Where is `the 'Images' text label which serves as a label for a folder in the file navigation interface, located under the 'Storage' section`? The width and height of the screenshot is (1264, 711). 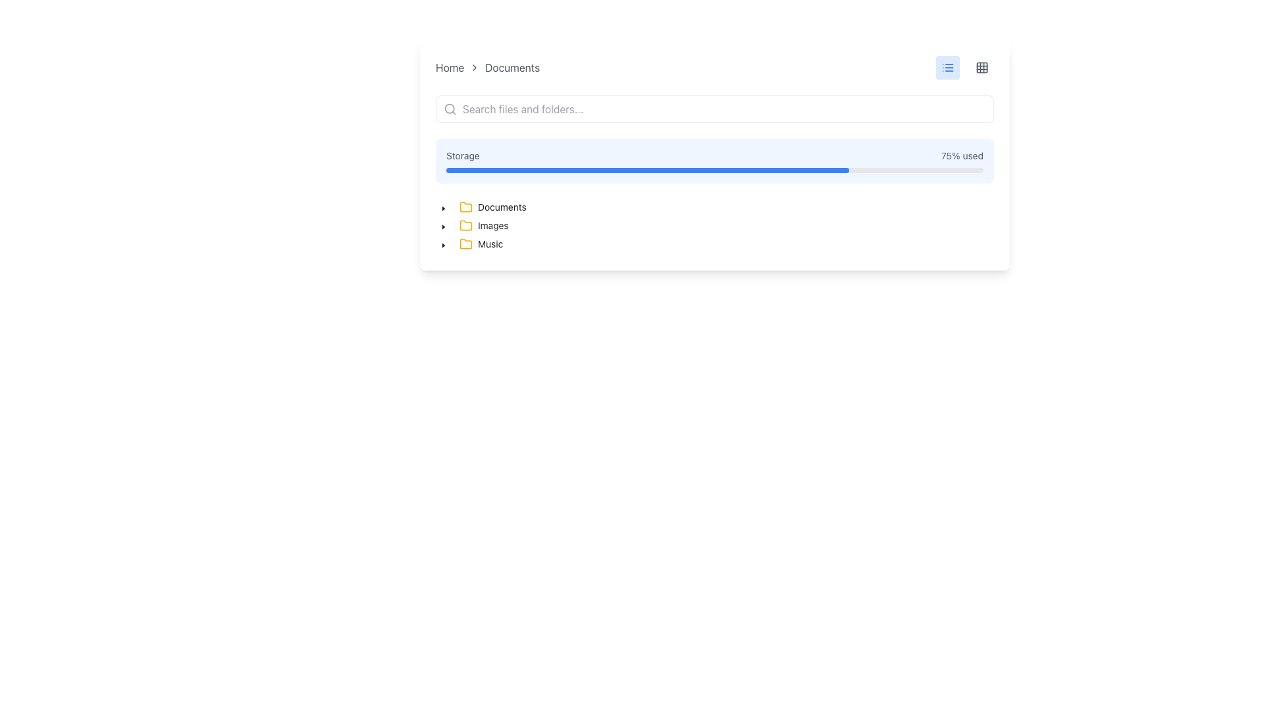
the 'Images' text label which serves as a label for a folder in the file navigation interface, located under the 'Storage' section is located at coordinates (492, 225).